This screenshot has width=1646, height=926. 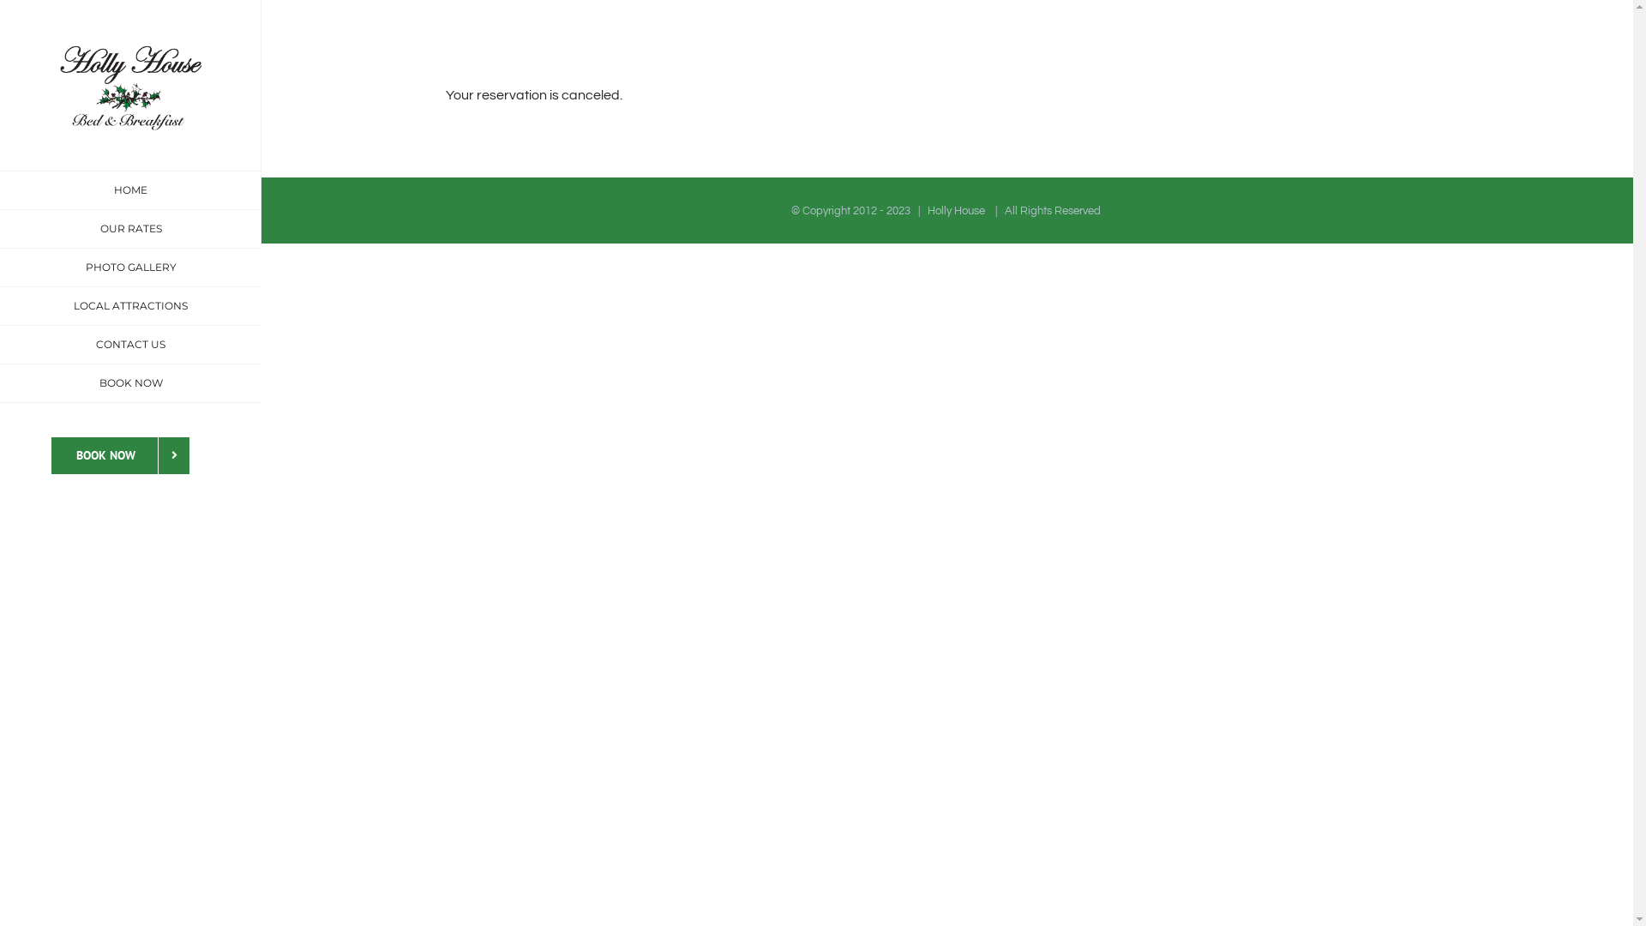 What do you see at coordinates (0, 305) in the screenshot?
I see `'LOCAL ATTRACTIONS'` at bounding box center [0, 305].